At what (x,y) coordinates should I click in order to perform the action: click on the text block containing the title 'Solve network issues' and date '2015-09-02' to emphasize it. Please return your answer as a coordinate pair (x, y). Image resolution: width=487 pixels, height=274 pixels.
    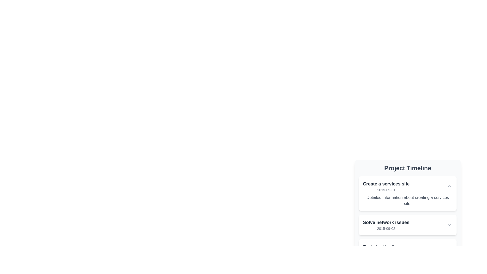
    Looking at the image, I should click on (408, 225).